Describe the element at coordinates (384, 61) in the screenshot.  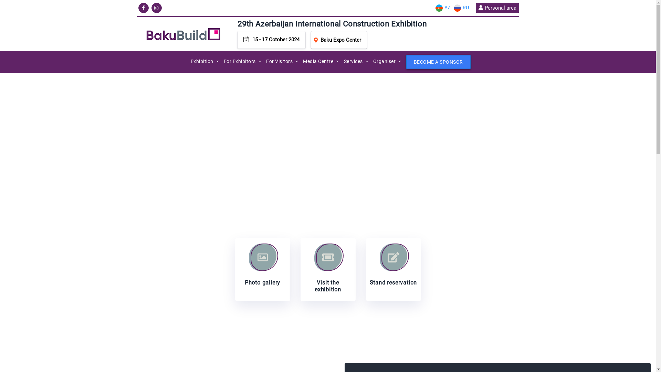
I see `'Organiser'` at that location.